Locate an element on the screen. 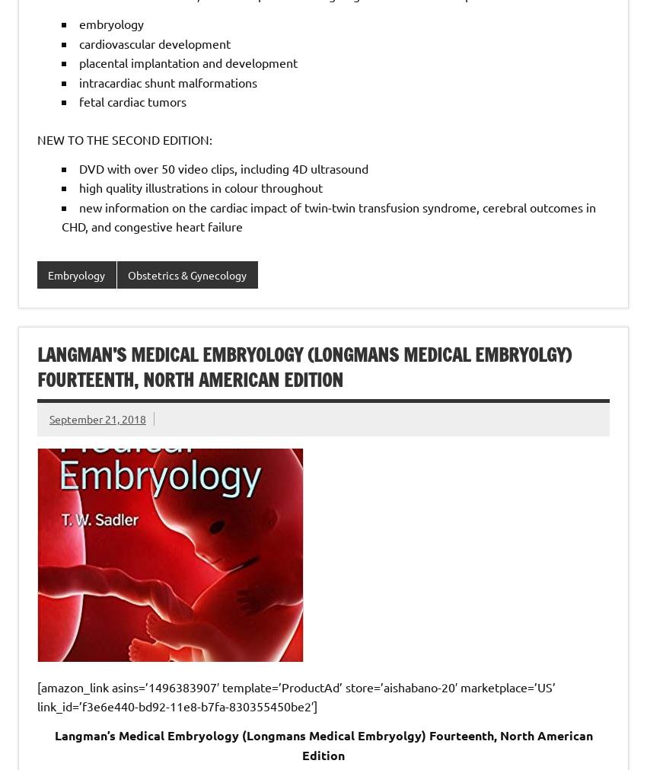 Image resolution: width=647 pixels, height=770 pixels. 'placental implantation and development' is located at coordinates (188, 61).